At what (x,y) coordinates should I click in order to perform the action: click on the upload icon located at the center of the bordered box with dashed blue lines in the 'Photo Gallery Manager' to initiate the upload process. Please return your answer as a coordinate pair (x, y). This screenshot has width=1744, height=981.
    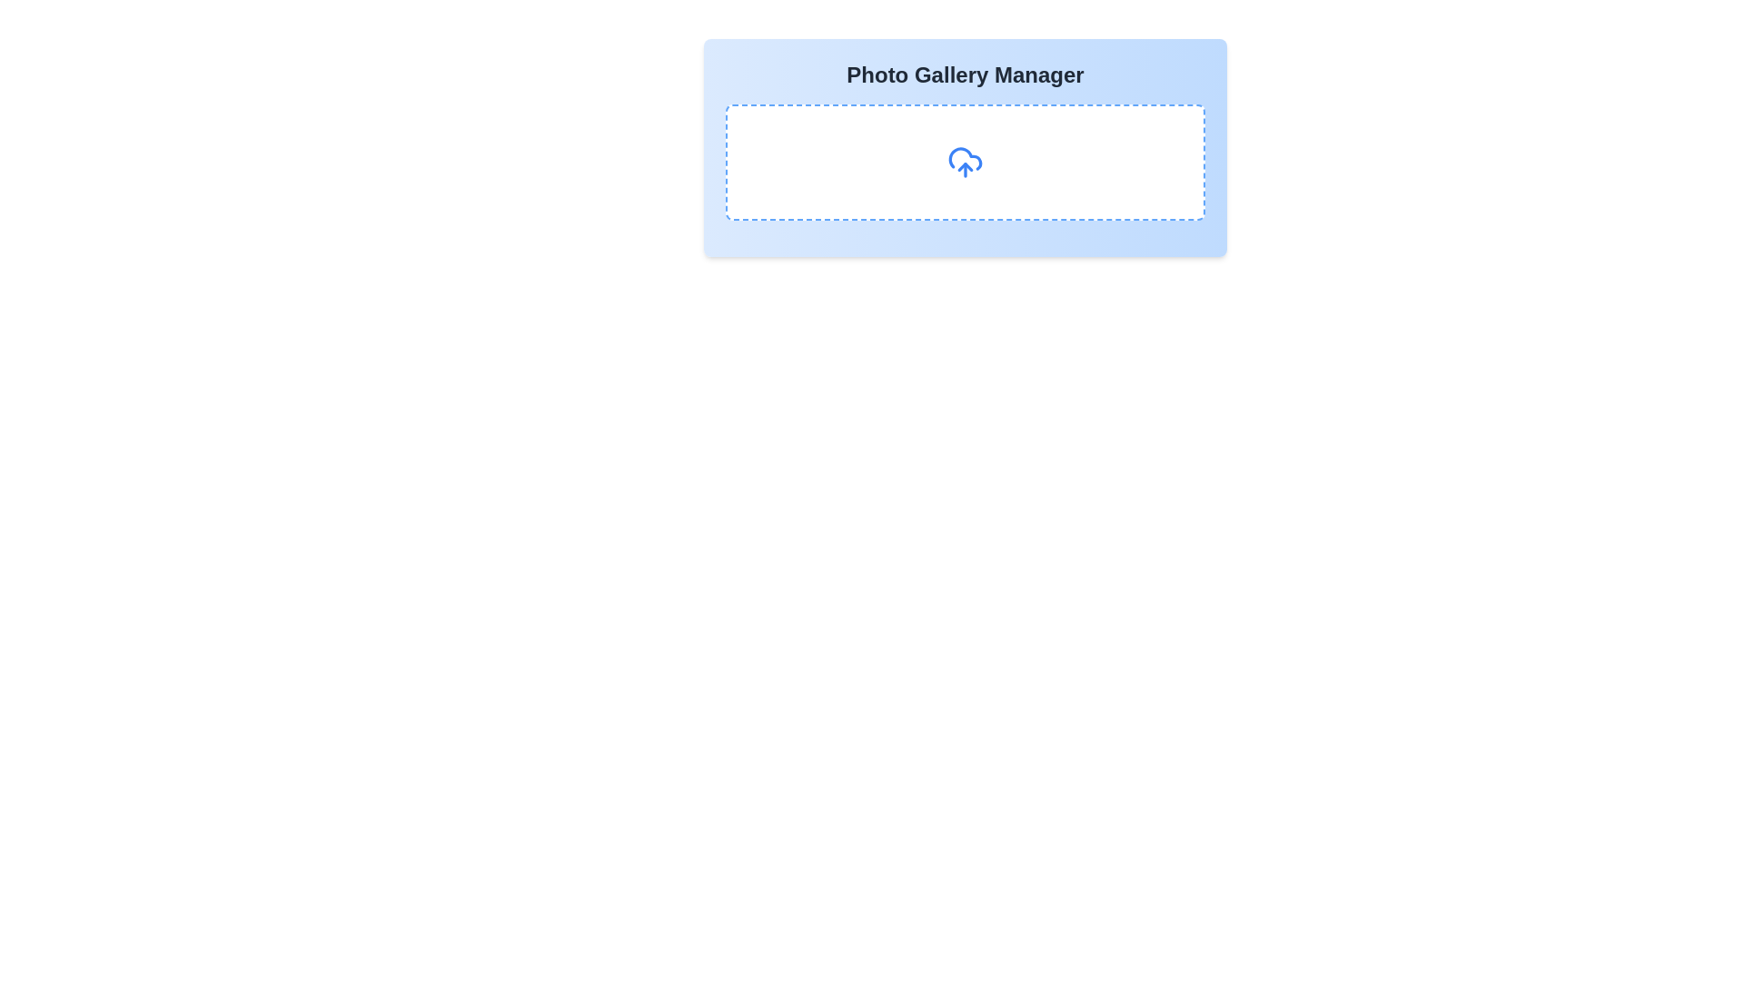
    Looking at the image, I should click on (964, 161).